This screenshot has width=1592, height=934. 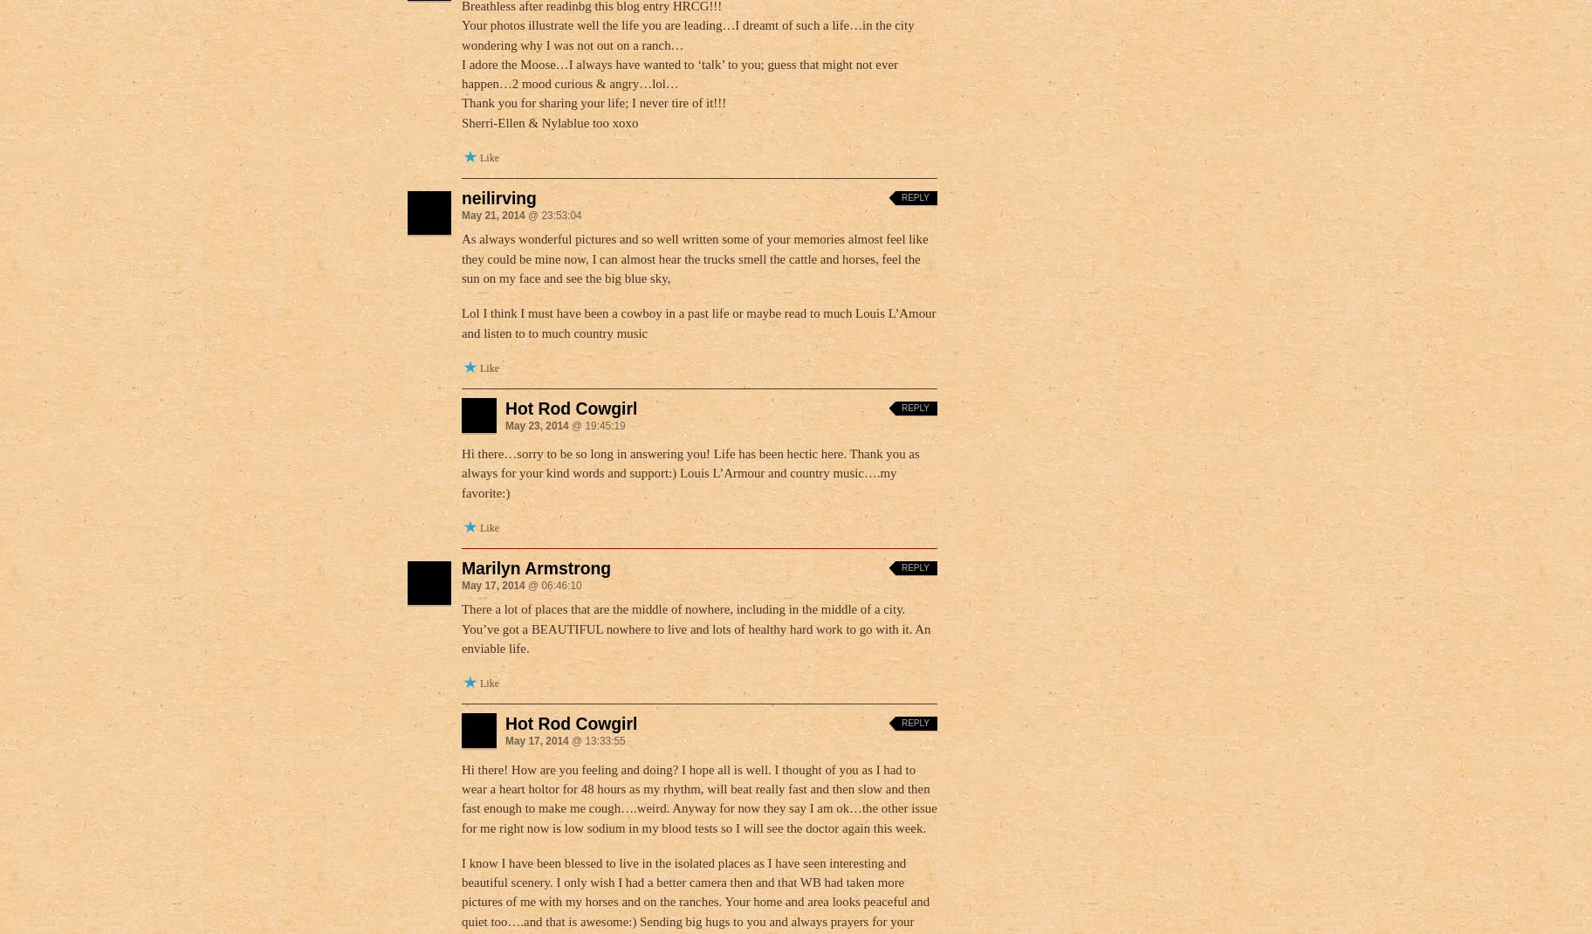 What do you see at coordinates (698, 797) in the screenshot?
I see `'Hi there! How are you feeling and doing? I hope all is well. I thought of you as I had to wear a heart holtor for 48 hours as my rhythm, will beat really fast and then slow and then fast enough to make me cough….weird. Anyway for now they say I am ok…the other issue for me right now is low sodium in my blood tests so I will see the doctor again this week.'` at bounding box center [698, 797].